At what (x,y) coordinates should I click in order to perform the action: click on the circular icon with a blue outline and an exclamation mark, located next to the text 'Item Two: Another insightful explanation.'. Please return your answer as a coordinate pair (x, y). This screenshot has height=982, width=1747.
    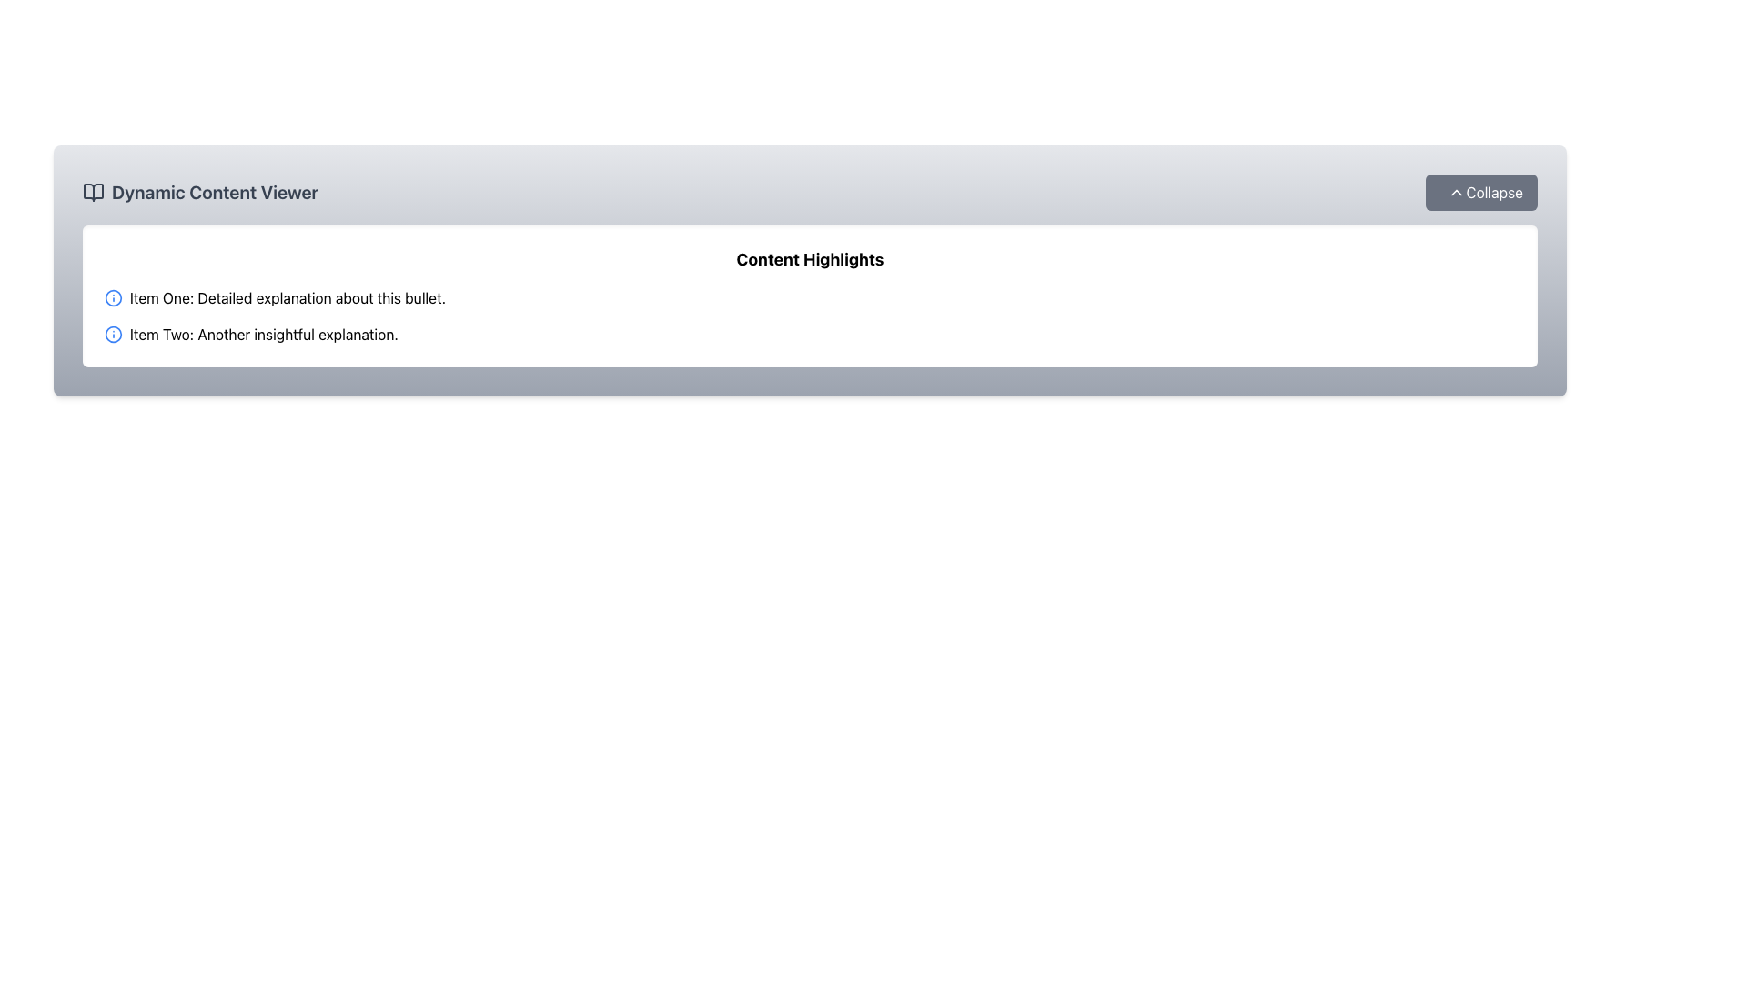
    Looking at the image, I should click on (112, 334).